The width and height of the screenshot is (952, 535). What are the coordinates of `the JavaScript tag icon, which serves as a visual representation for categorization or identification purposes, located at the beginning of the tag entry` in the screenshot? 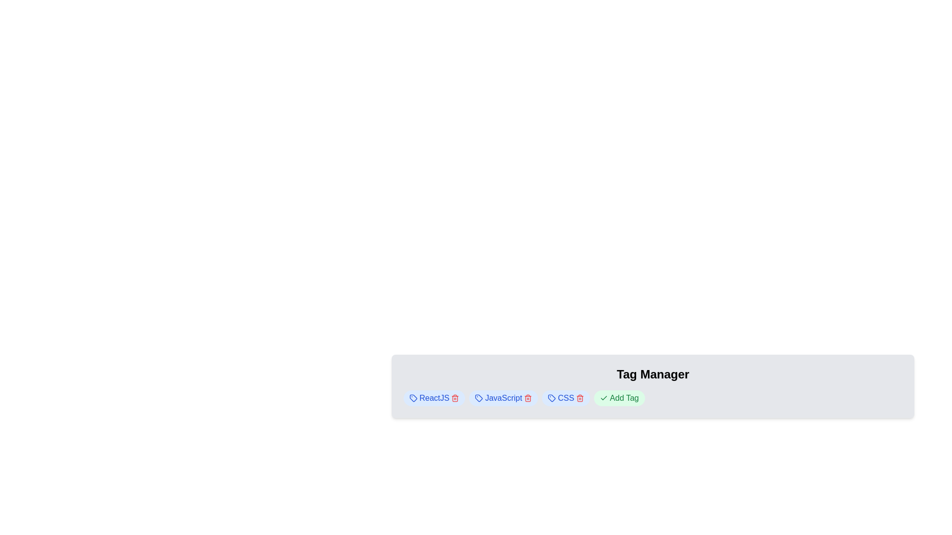 It's located at (479, 397).